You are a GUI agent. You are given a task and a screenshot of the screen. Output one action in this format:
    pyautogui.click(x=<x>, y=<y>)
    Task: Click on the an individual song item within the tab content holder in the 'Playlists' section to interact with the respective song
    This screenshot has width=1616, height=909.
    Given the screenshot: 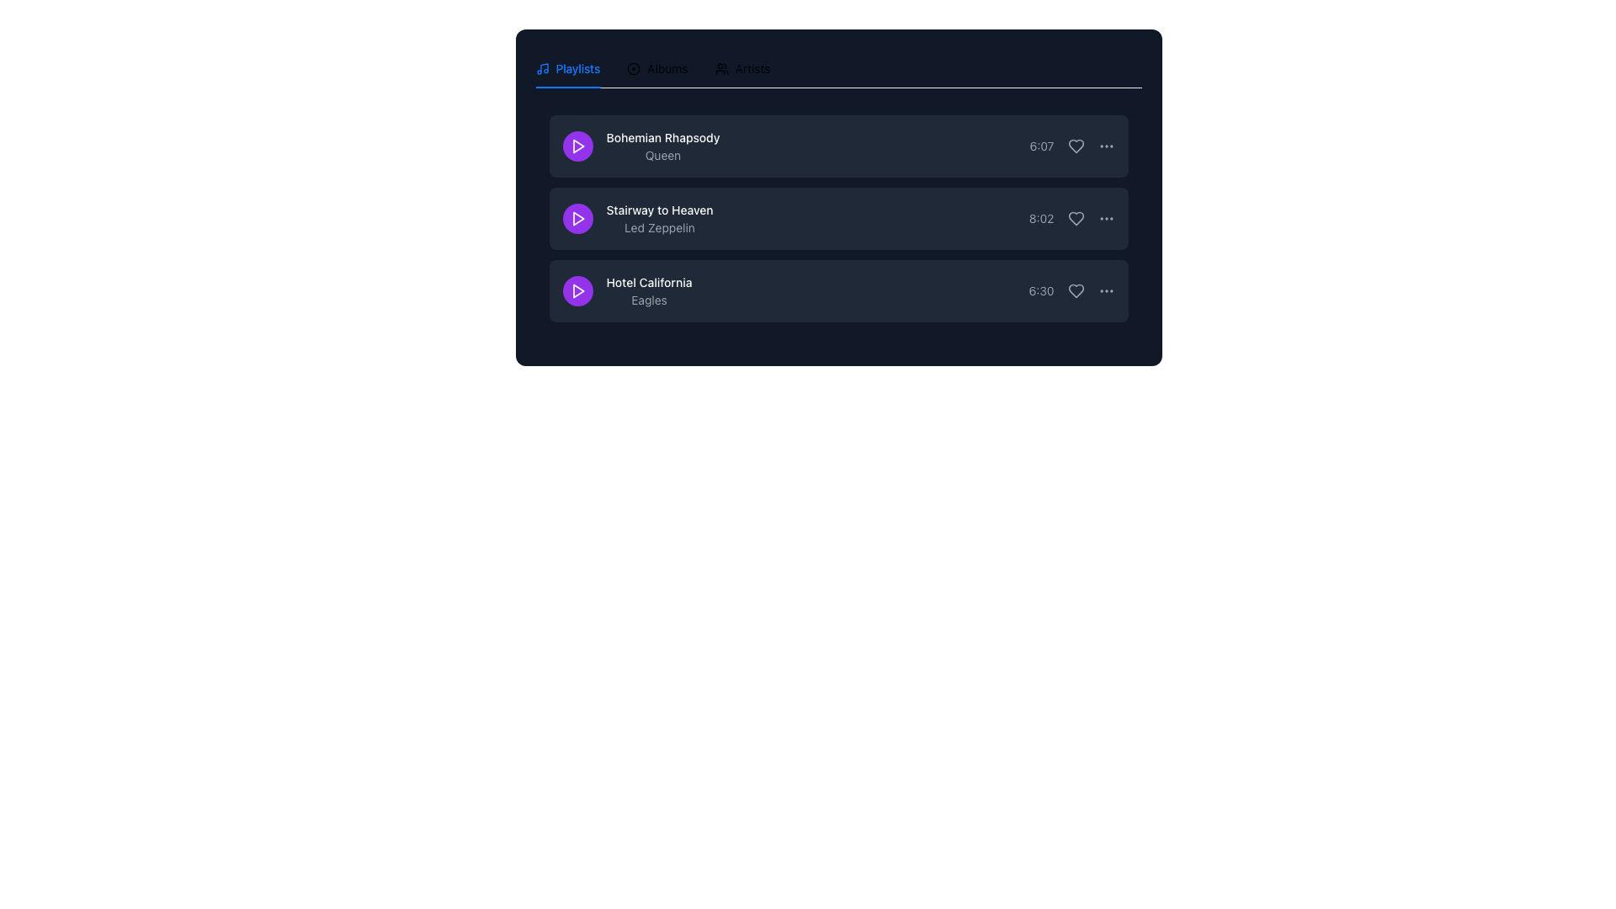 What is the action you would take?
    pyautogui.click(x=838, y=223)
    